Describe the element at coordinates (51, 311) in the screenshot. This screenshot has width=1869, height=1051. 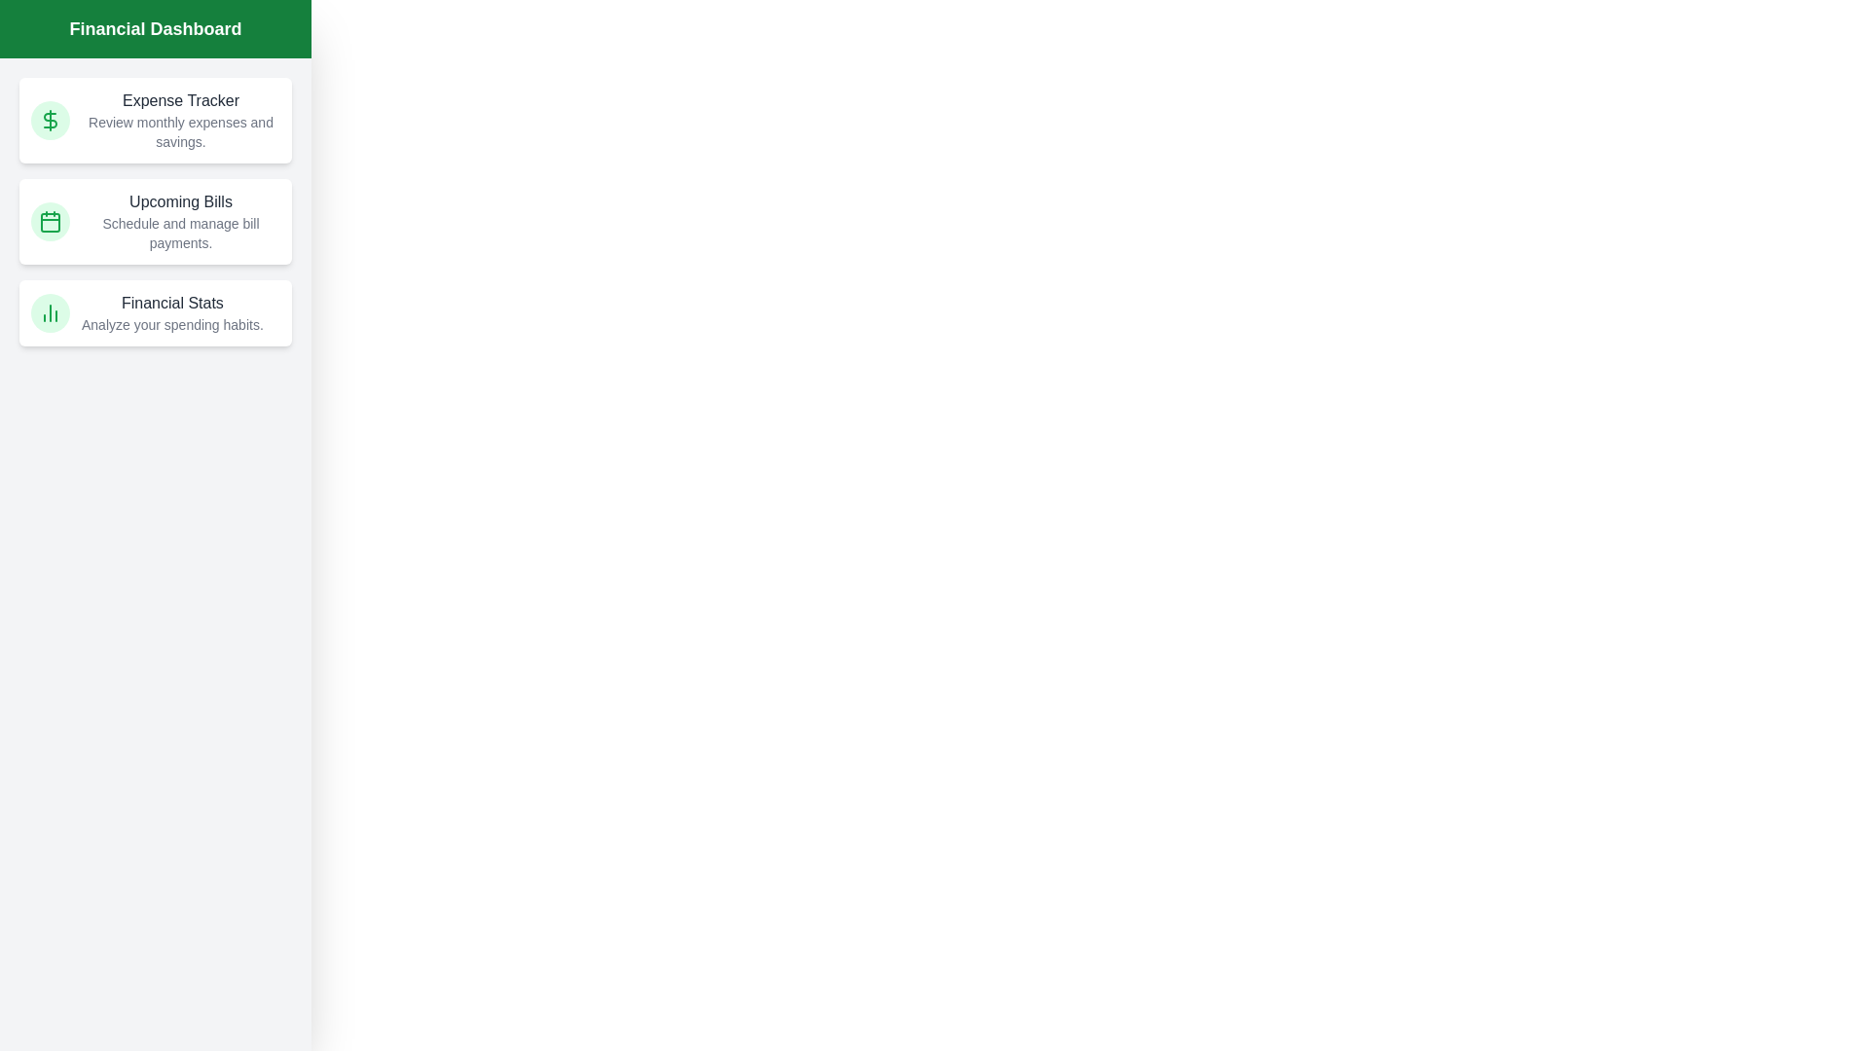
I see `the icon next to the Financial Stats item` at that location.